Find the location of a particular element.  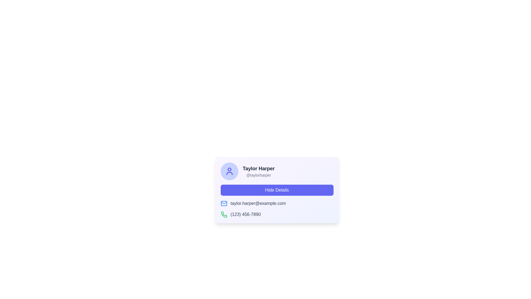

text displayed in the Text Display element that shows 'Taylor Harper', which is prominently positioned in the card section above the '@taylorharper' text is located at coordinates (258, 168).